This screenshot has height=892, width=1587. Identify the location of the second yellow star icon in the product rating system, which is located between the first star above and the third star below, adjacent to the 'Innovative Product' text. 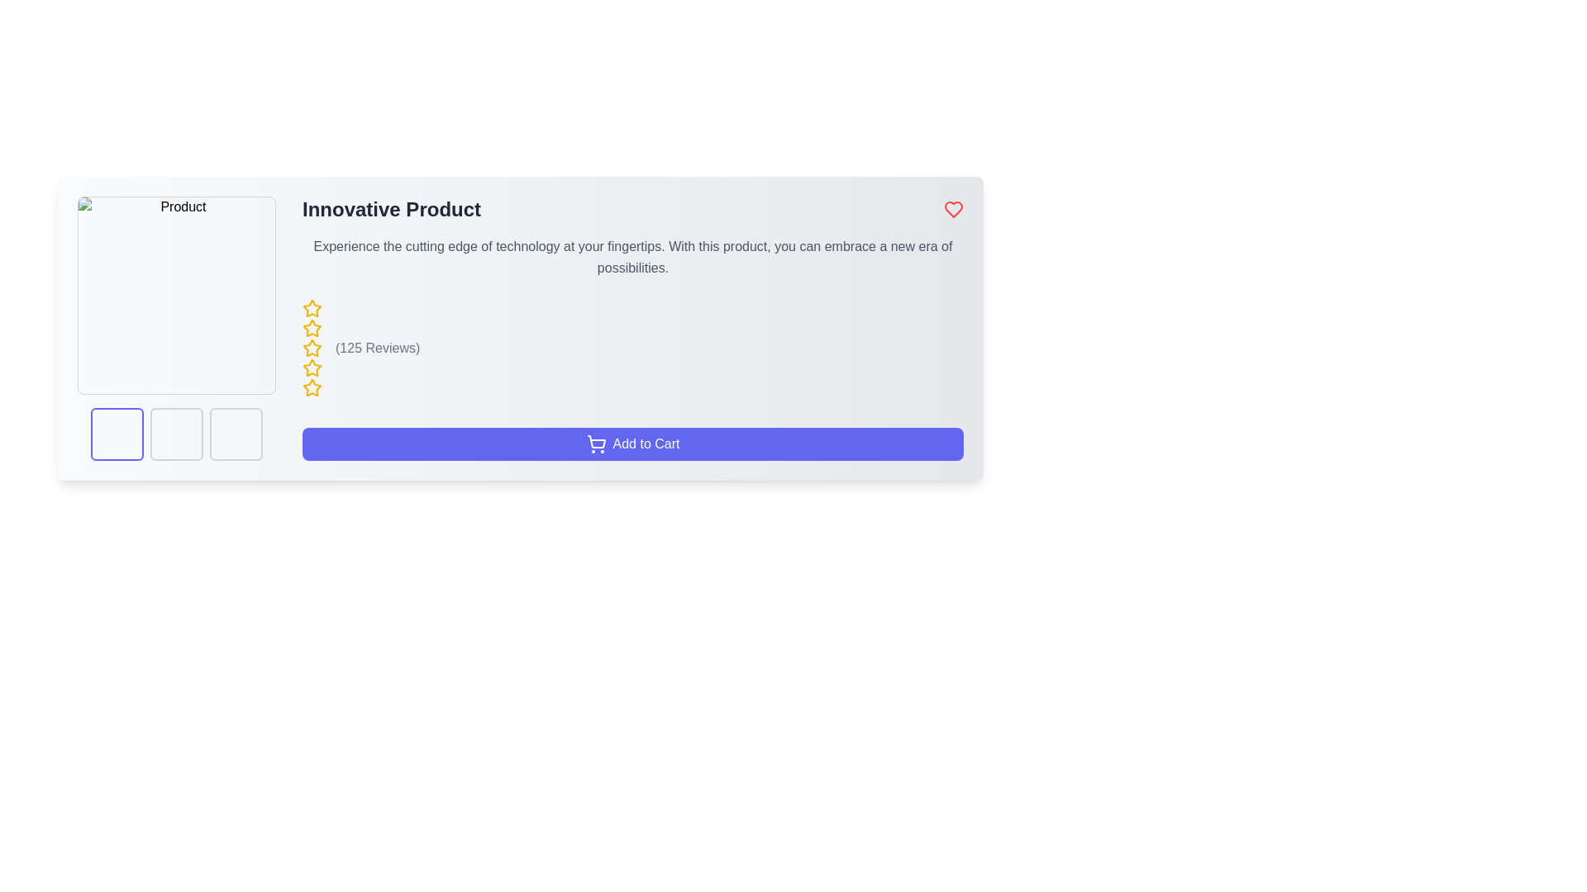
(312, 328).